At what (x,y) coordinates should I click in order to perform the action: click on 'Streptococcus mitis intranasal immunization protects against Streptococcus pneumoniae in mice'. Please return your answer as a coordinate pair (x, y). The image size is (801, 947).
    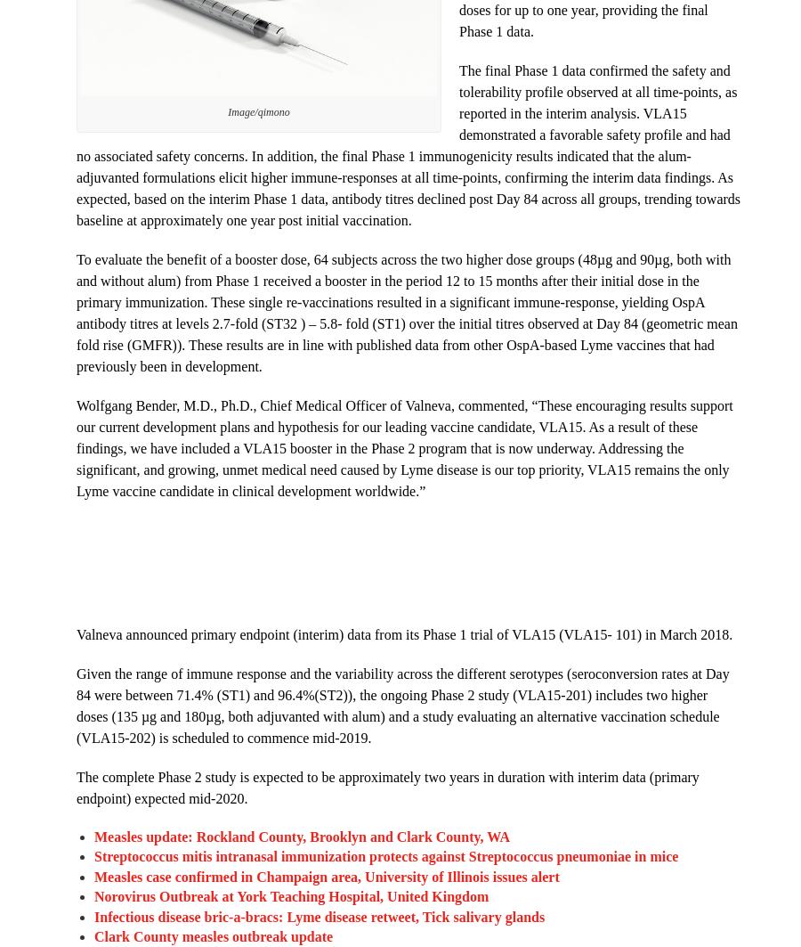
    Looking at the image, I should click on (385, 855).